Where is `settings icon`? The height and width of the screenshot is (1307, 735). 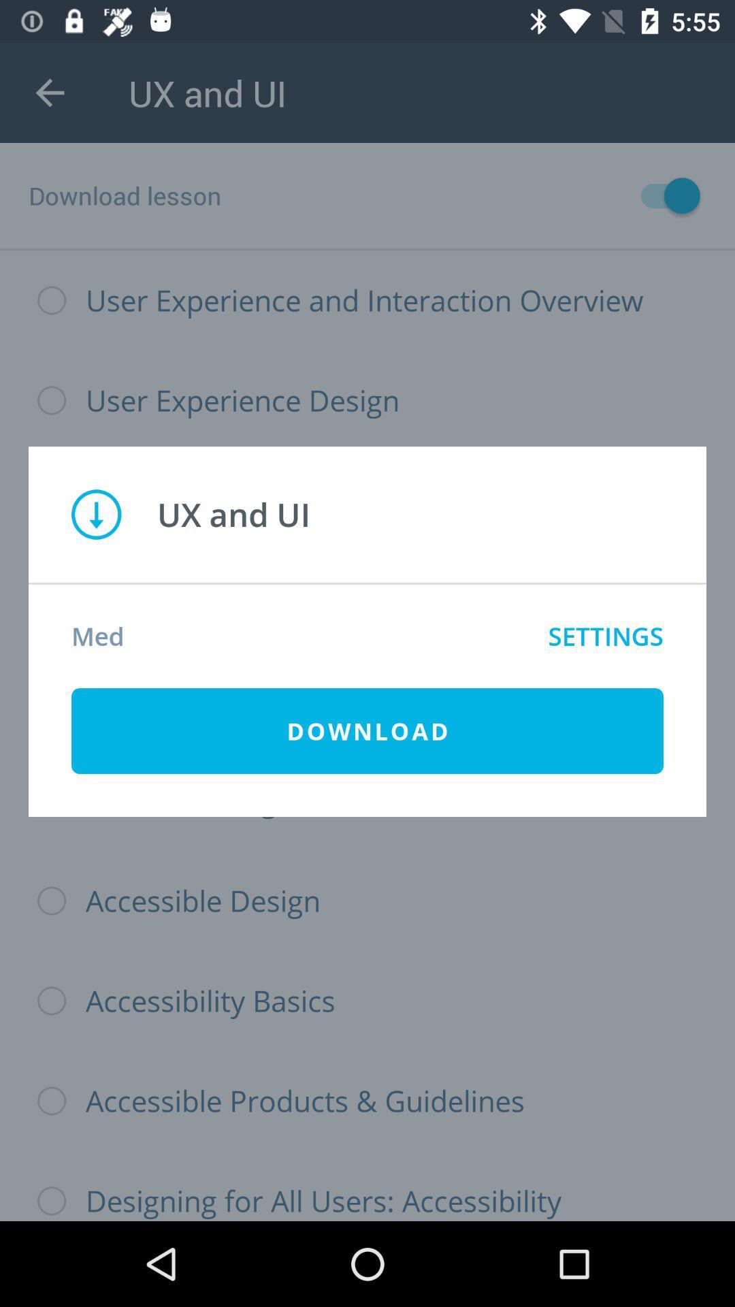
settings icon is located at coordinates (605, 635).